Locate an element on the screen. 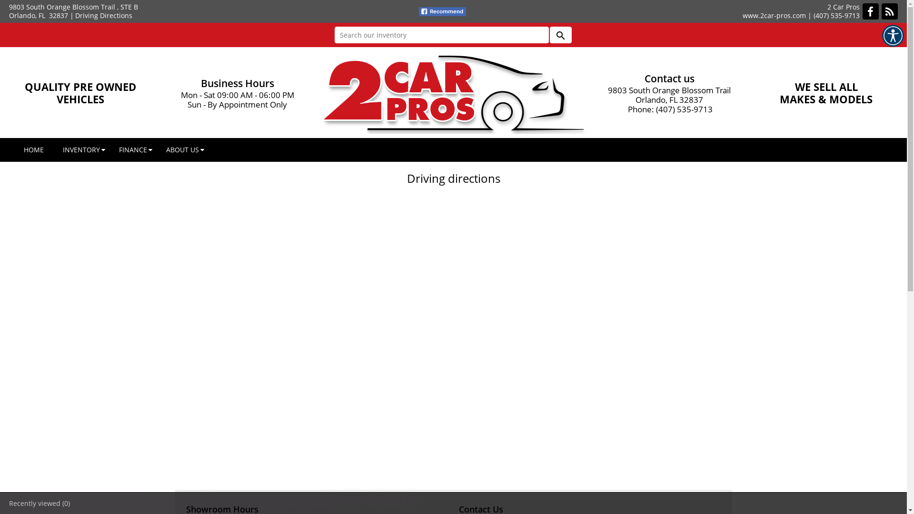 This screenshot has height=514, width=914. 'Directions' is located at coordinates (453, 336).